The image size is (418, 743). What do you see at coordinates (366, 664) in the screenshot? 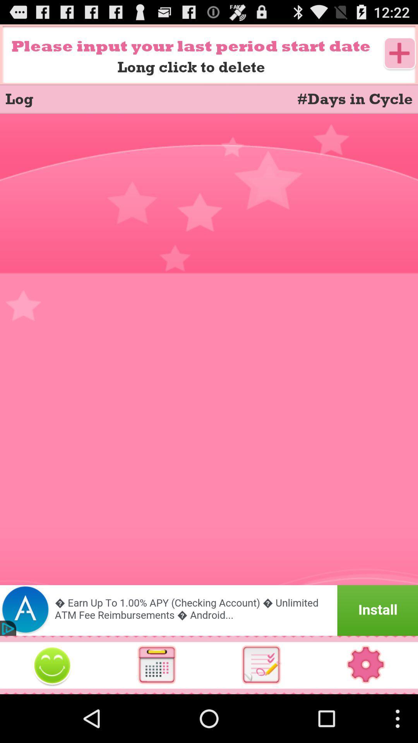
I see `open settings` at bounding box center [366, 664].